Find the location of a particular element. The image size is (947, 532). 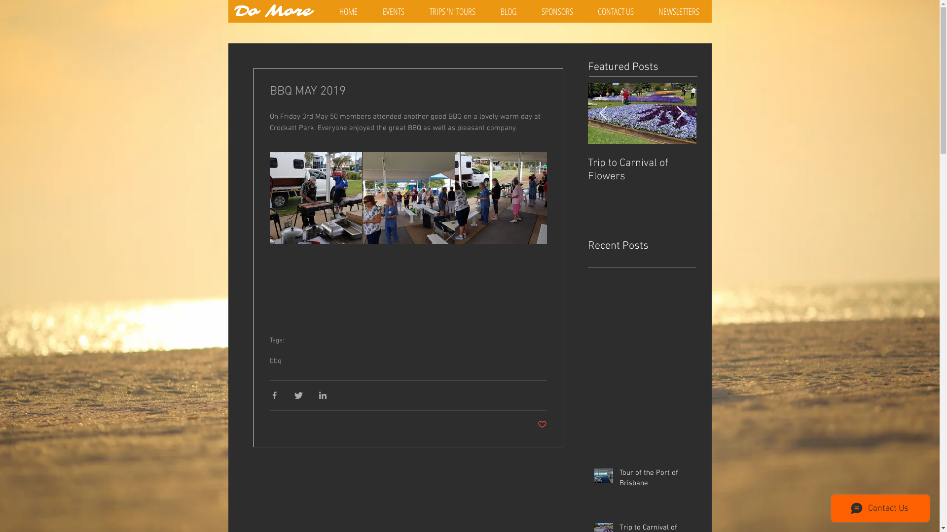

'Trip to Carnival of Flowers' is located at coordinates (750, 169).